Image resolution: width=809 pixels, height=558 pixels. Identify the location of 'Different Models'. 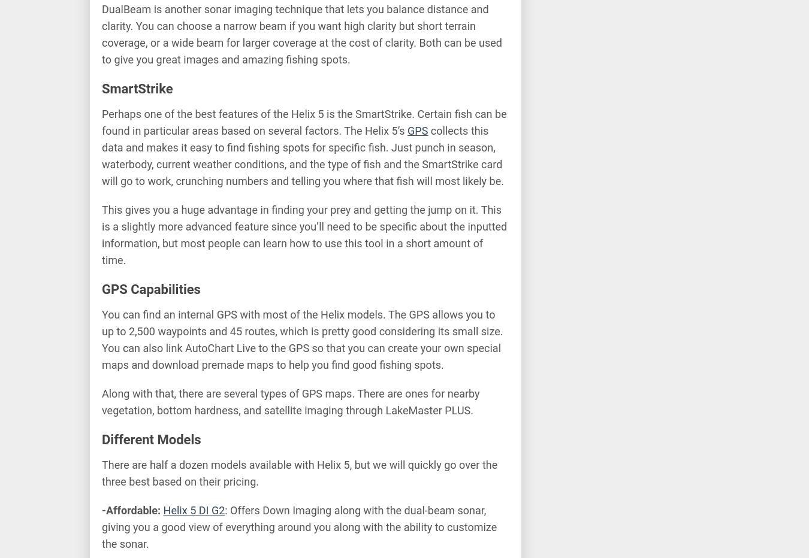
(150, 438).